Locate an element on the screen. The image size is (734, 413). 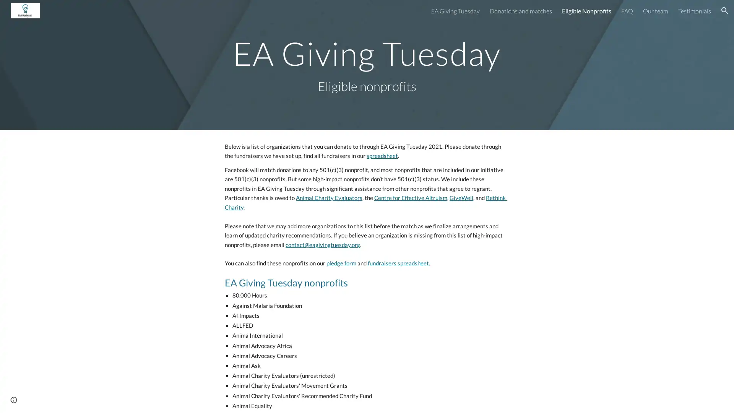
Copy heading link is located at coordinates (356, 283).